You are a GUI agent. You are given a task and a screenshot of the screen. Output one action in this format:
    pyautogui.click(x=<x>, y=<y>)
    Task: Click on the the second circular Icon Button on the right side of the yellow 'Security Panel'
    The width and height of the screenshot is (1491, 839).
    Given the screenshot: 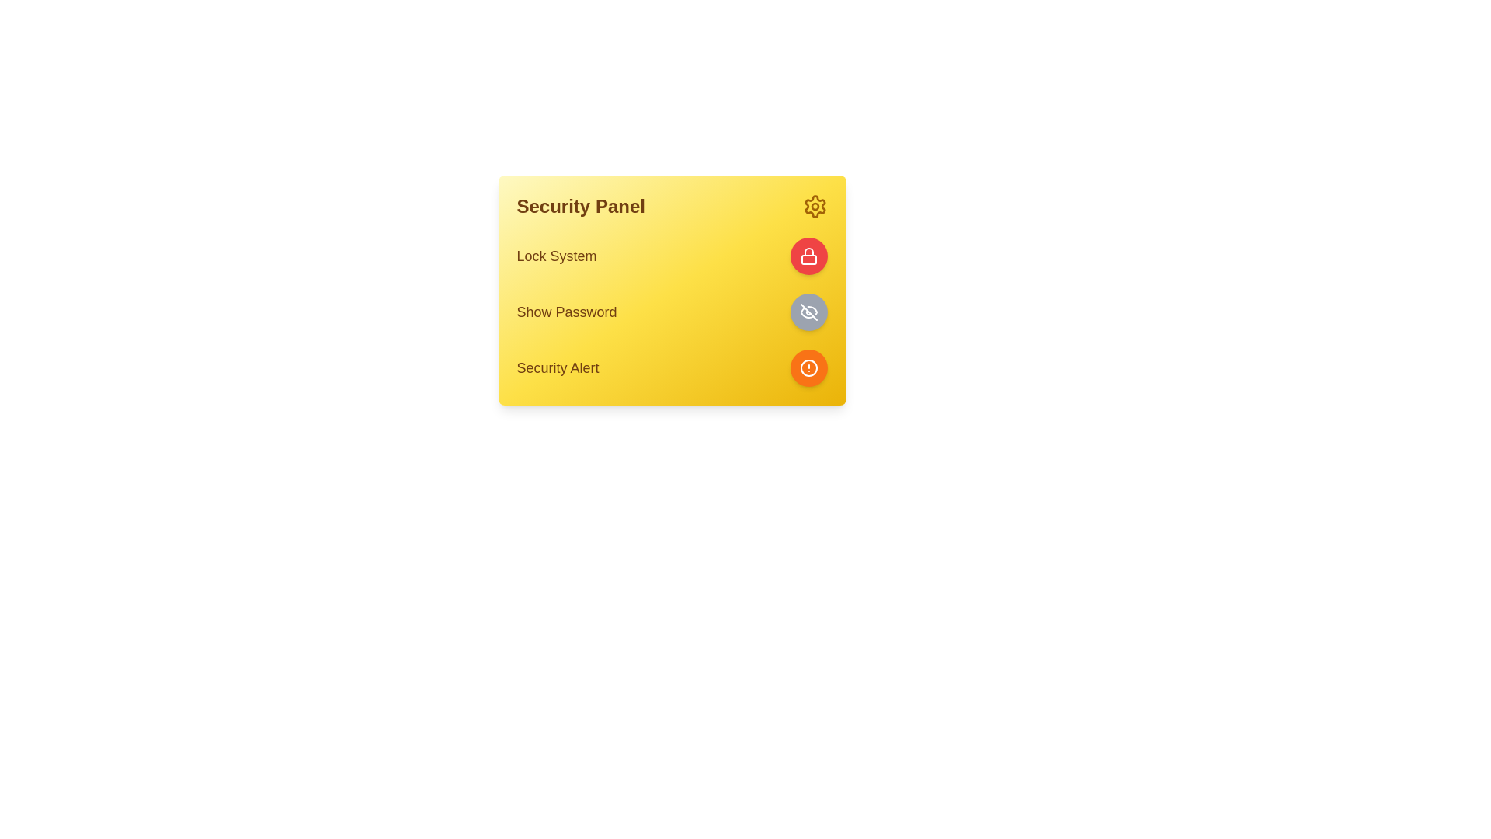 What is the action you would take?
    pyautogui.click(x=808, y=312)
    